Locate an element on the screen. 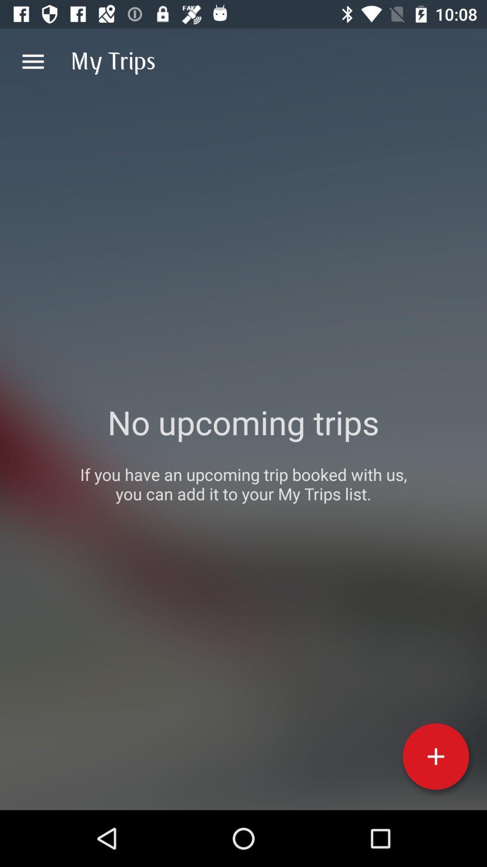 This screenshot has height=867, width=487. icon below the if you have is located at coordinates (435, 756).